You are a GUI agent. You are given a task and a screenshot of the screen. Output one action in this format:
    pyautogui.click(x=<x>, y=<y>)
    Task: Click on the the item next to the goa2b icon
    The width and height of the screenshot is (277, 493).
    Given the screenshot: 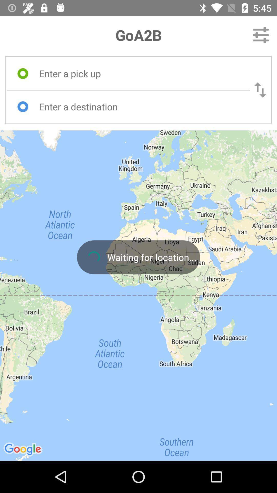 What is the action you would take?
    pyautogui.click(x=261, y=35)
    